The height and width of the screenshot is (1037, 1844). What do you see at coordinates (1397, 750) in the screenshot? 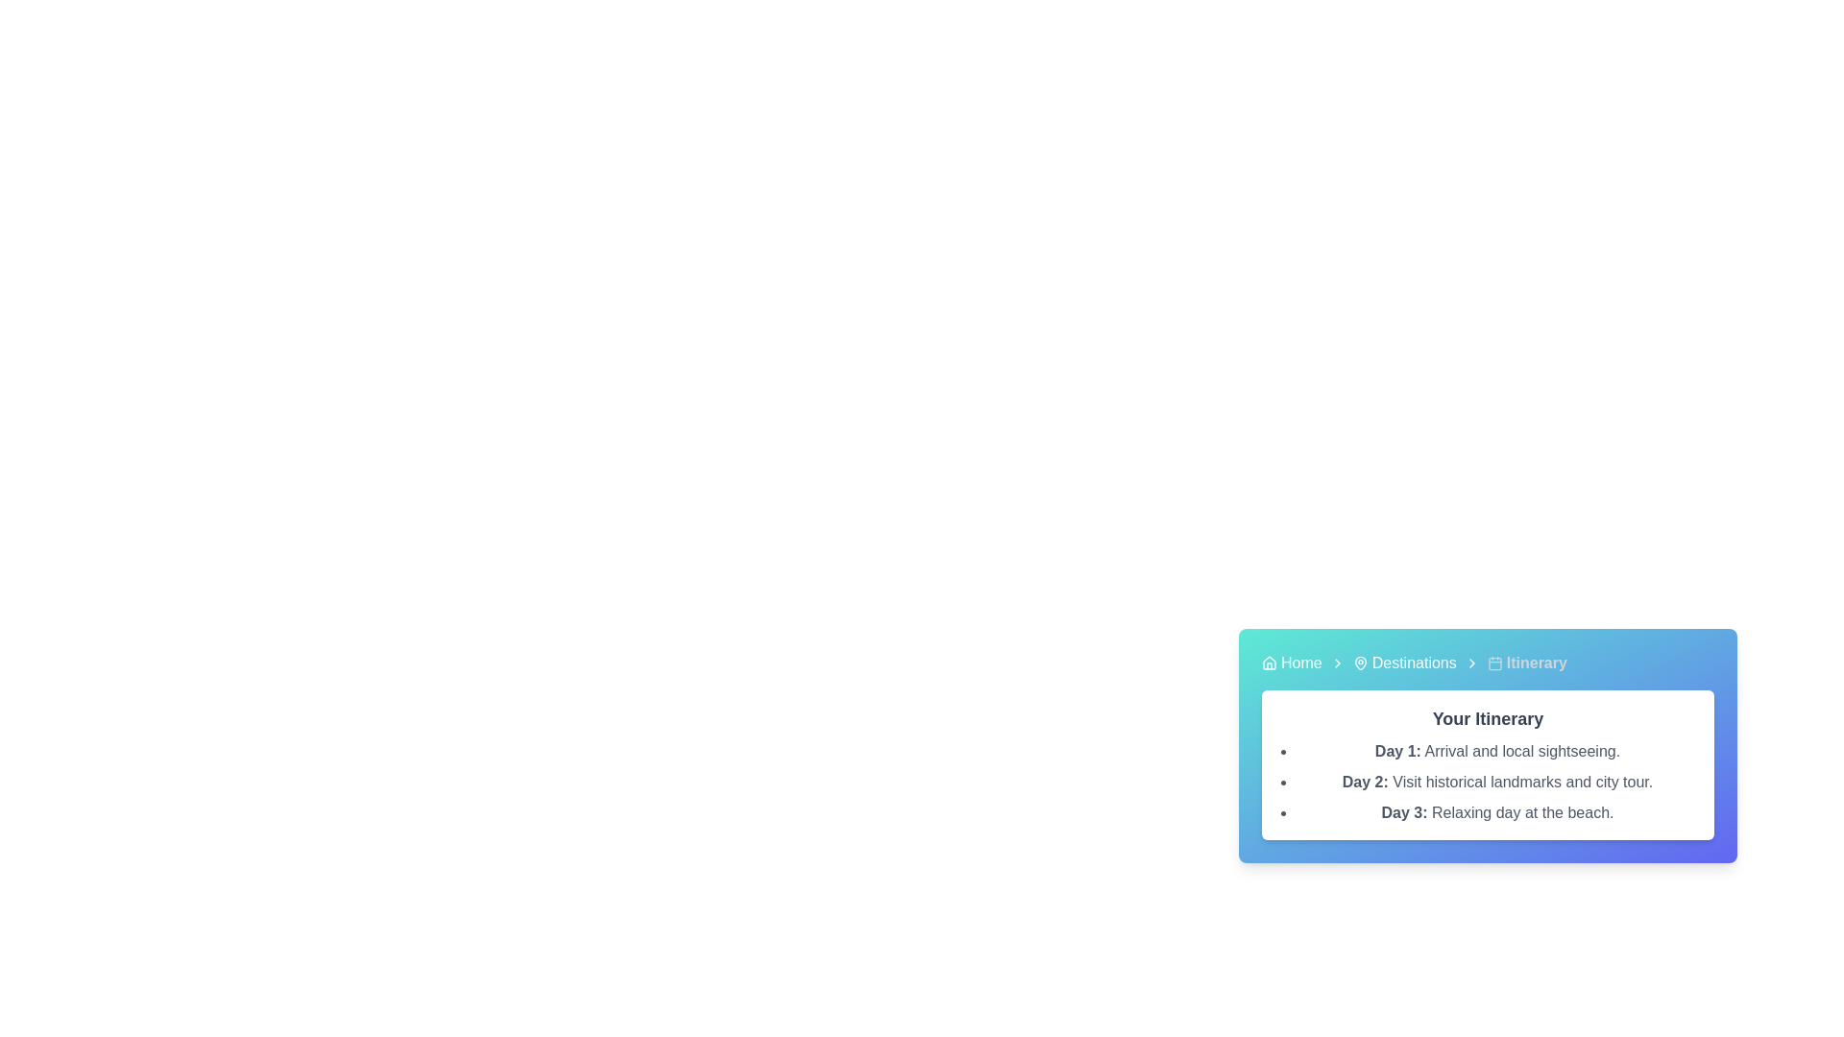
I see `the label marking the start of the first day's activities in the itinerary, located near the top of the itinerary card below the 'Your Itinerary' heading` at bounding box center [1397, 750].